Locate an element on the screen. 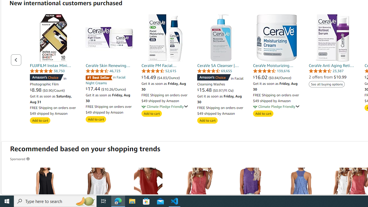 The width and height of the screenshot is (368, 207). 'Leave feedback on Sponsored ad' is located at coordinates (20, 159).